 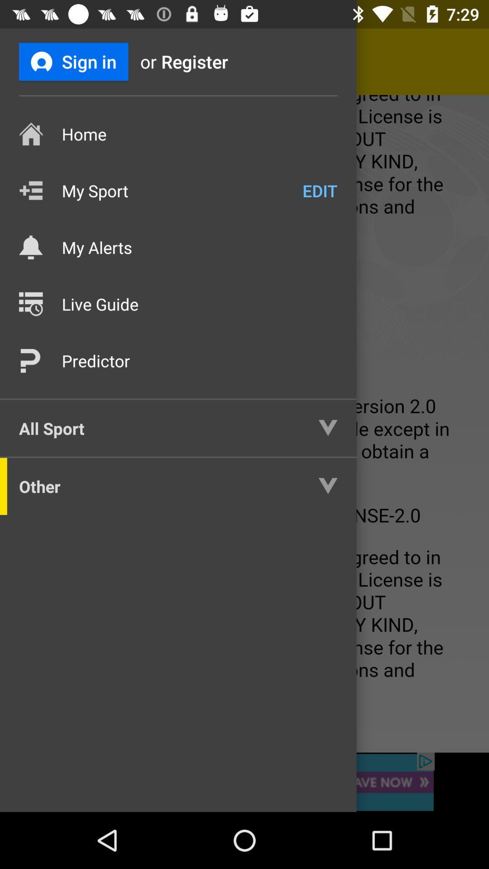 What do you see at coordinates (318, 486) in the screenshot?
I see `the dropdown icon right next to other` at bounding box center [318, 486].